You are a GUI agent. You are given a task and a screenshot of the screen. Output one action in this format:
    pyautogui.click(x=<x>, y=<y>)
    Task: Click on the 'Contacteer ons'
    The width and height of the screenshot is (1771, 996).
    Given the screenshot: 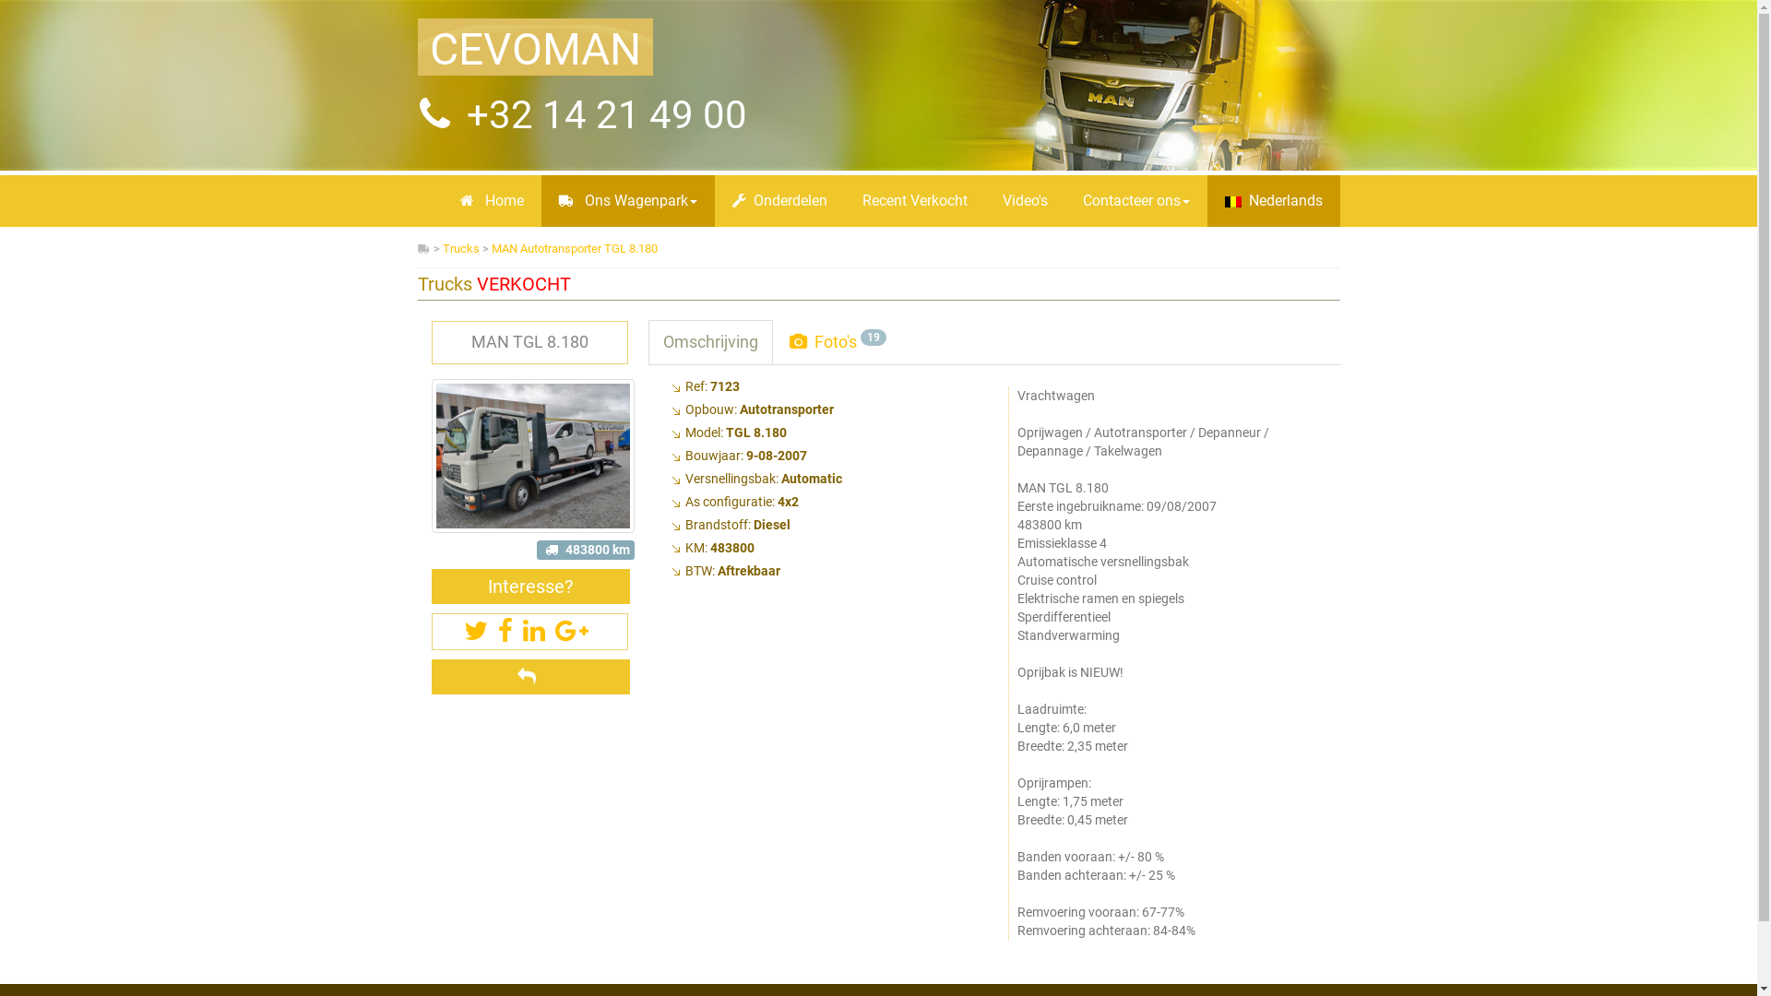 What is the action you would take?
    pyautogui.click(x=1064, y=201)
    